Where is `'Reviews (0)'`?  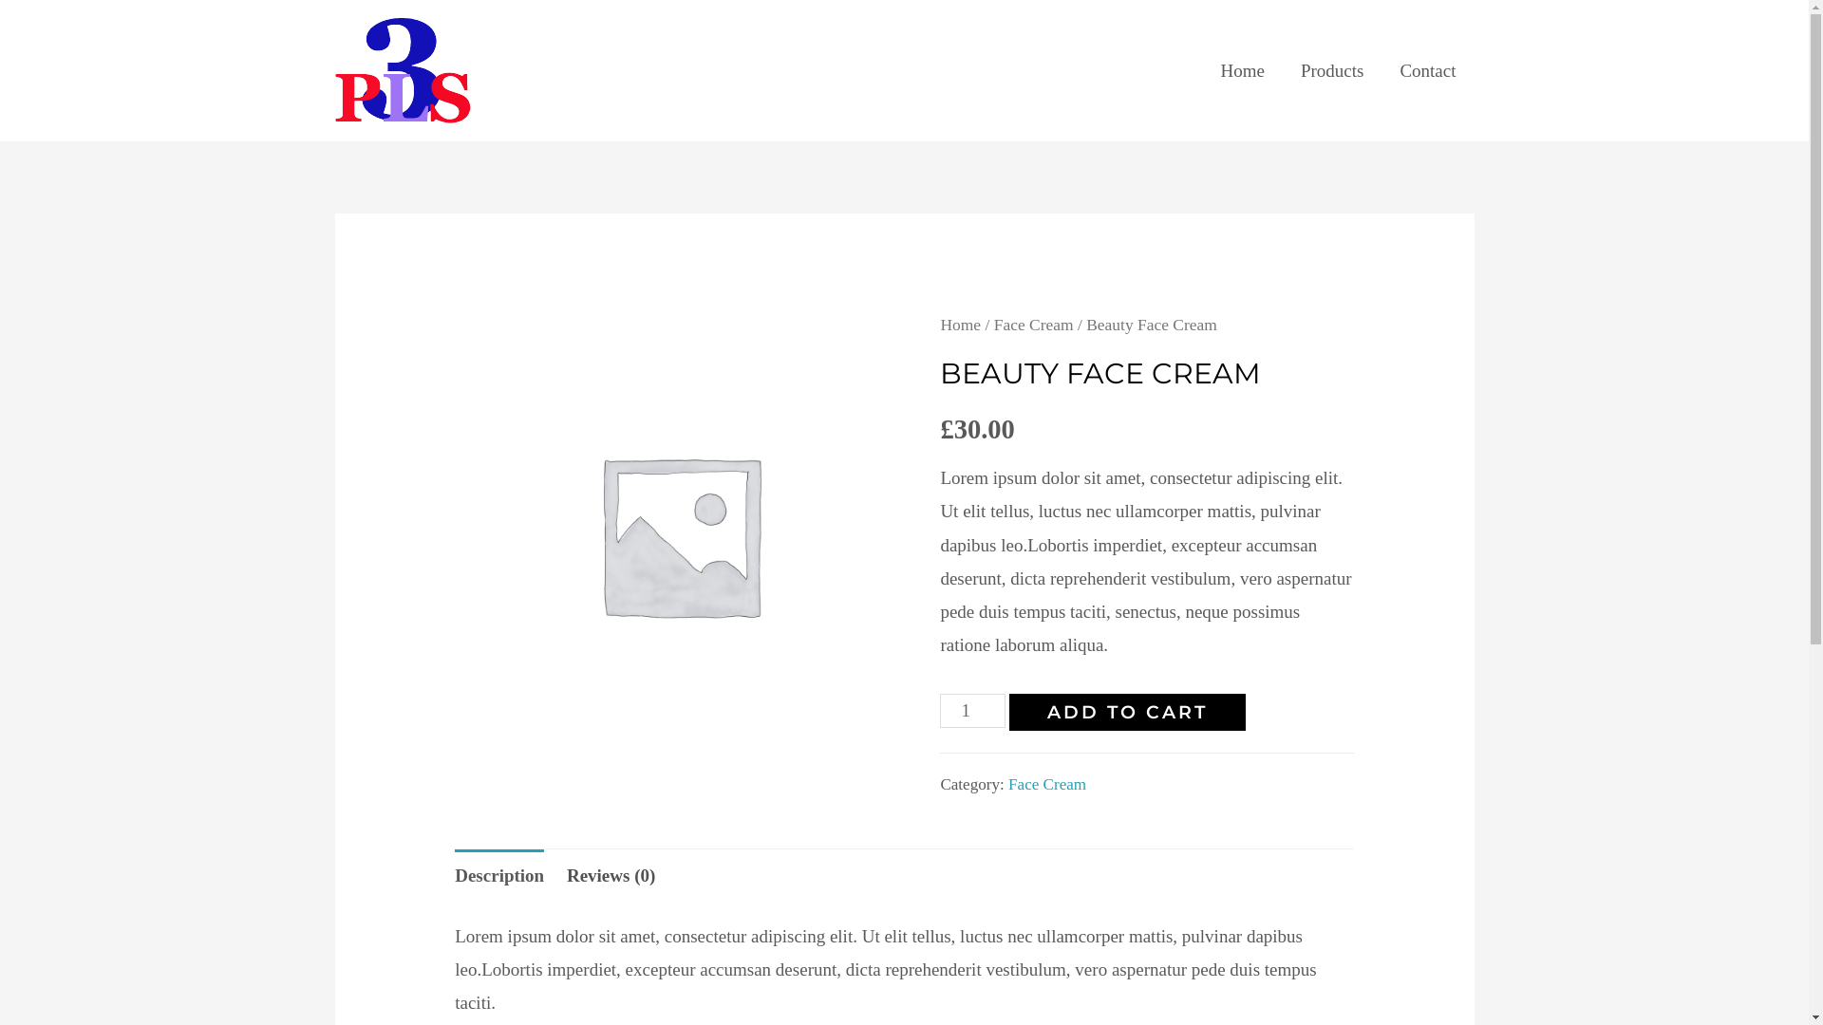 'Reviews (0)' is located at coordinates (565, 874).